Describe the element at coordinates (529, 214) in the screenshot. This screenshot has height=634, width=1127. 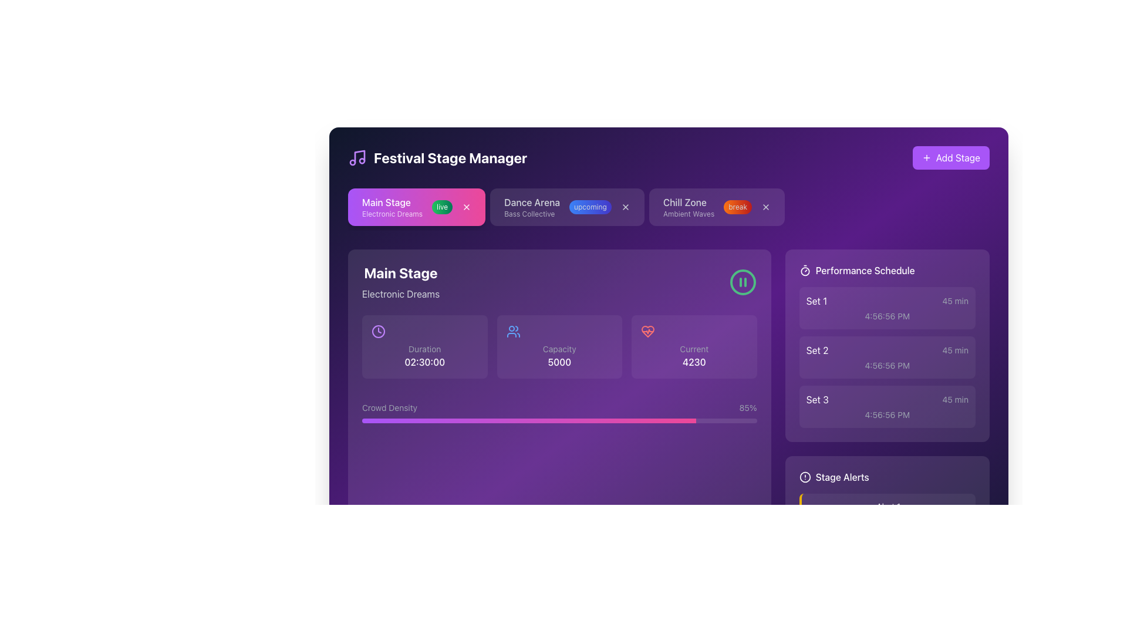
I see `the informational content of the Text Label displaying 'Bass Collective' in light gray font, positioned below the heading 'Dance Arena' in the middle tag group` at that location.